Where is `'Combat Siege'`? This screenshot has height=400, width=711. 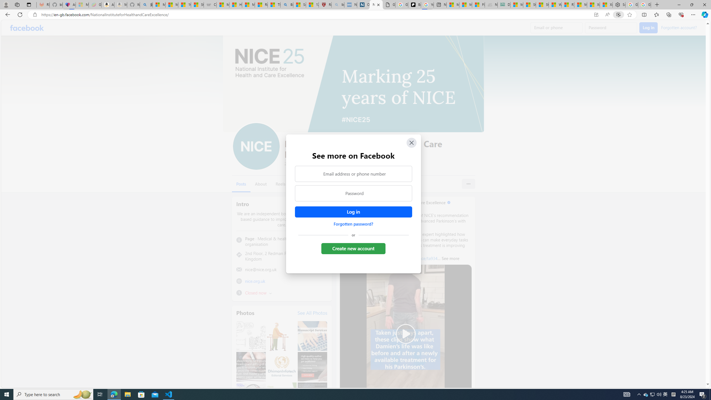
'Combat Siege' is located at coordinates (210, 4).